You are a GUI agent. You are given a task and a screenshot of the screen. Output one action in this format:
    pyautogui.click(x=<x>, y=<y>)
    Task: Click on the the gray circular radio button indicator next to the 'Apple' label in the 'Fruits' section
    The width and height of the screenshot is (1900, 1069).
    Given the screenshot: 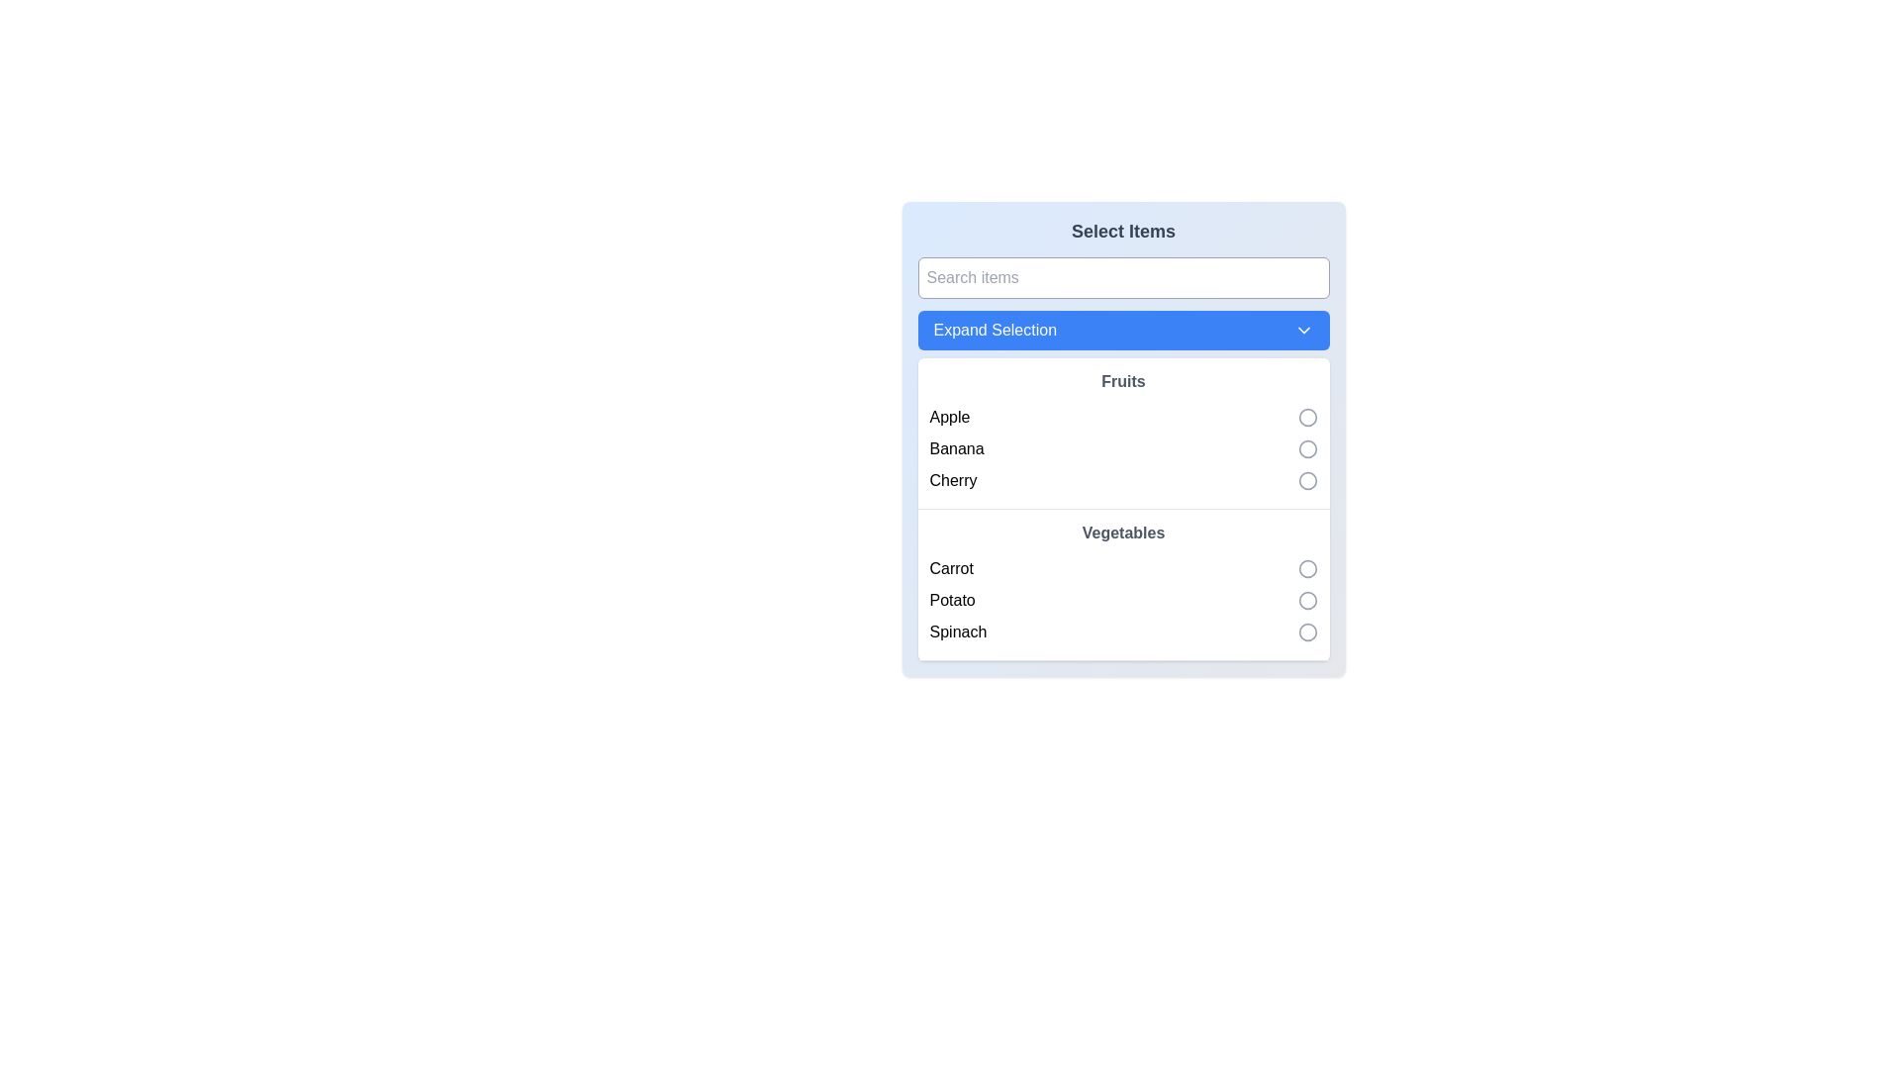 What is the action you would take?
    pyautogui.click(x=1307, y=416)
    